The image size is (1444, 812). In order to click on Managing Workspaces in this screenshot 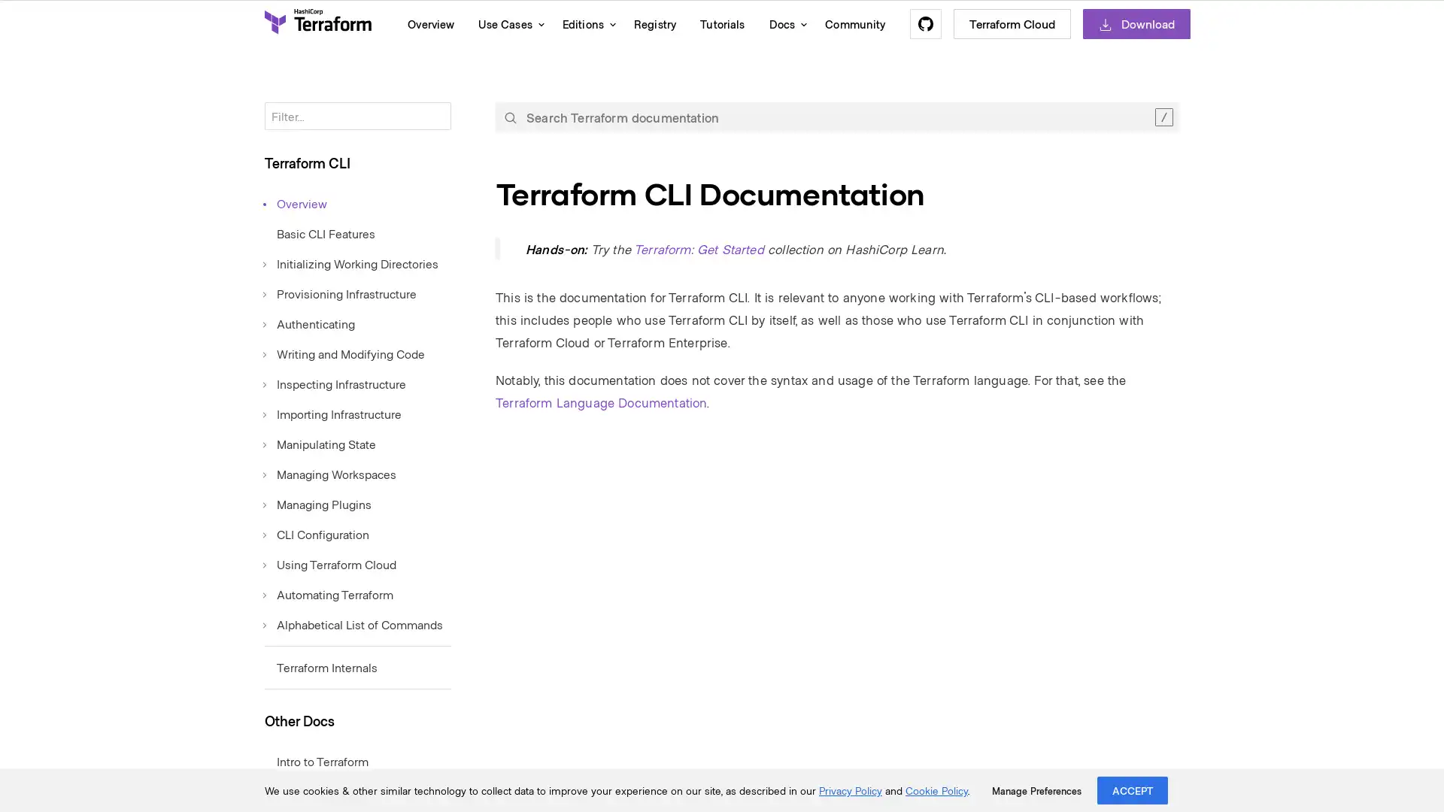, I will do `click(329, 472)`.